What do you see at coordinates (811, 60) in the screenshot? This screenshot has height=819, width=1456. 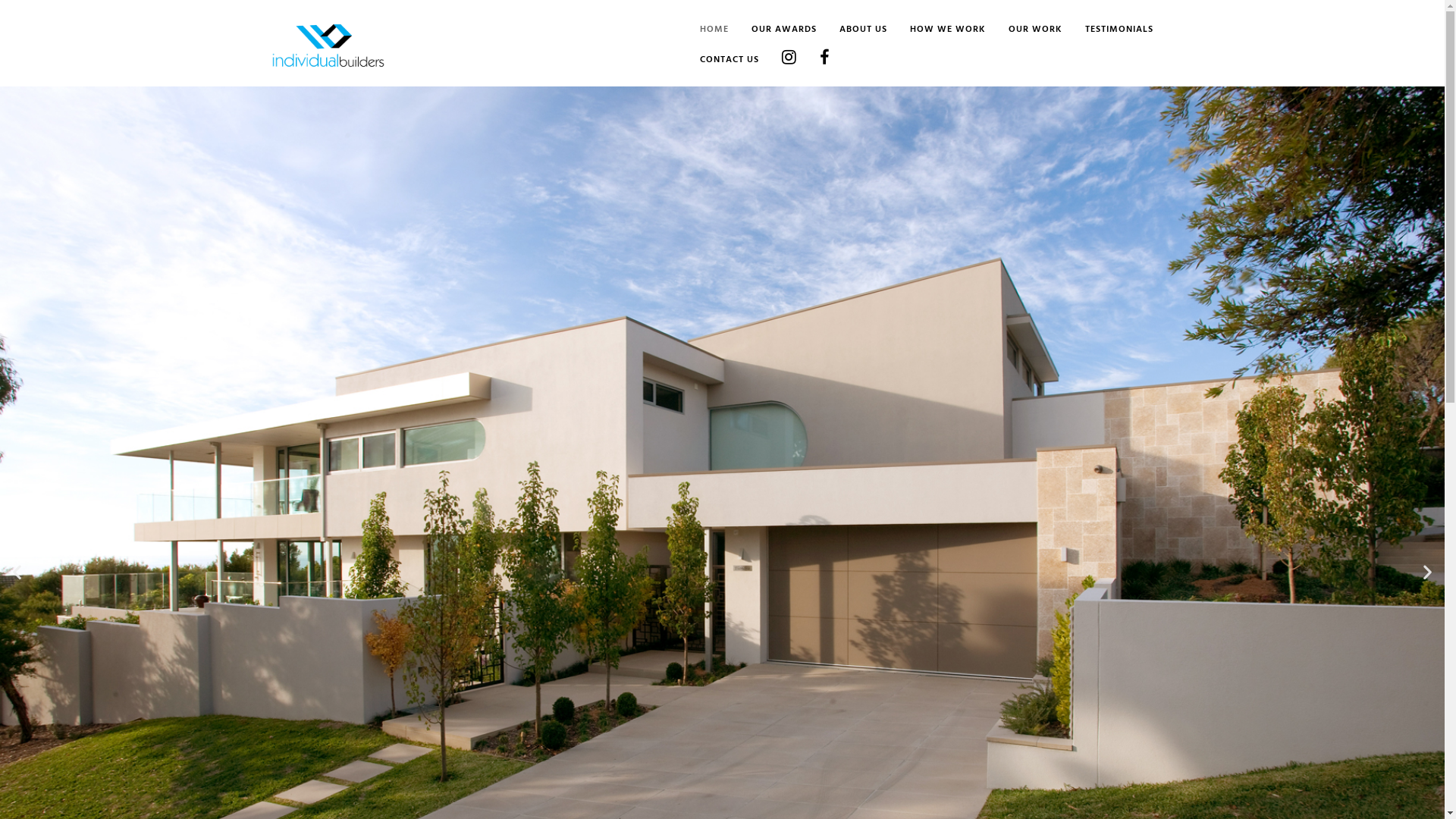 I see `'FACEBOOK'` at bounding box center [811, 60].